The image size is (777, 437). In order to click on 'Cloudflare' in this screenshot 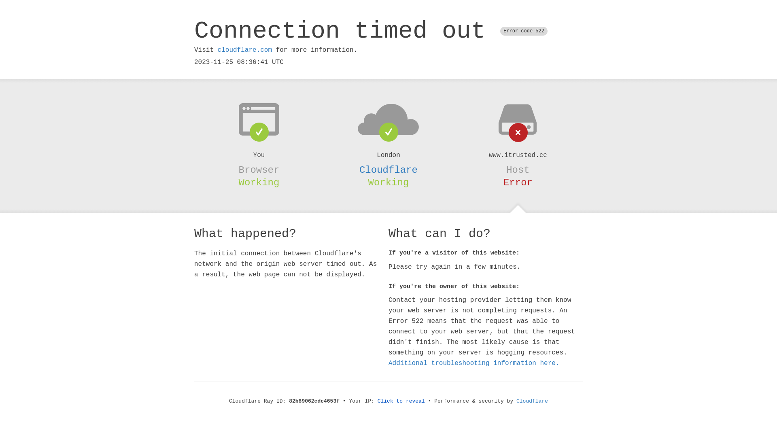, I will do `click(388, 170)`.